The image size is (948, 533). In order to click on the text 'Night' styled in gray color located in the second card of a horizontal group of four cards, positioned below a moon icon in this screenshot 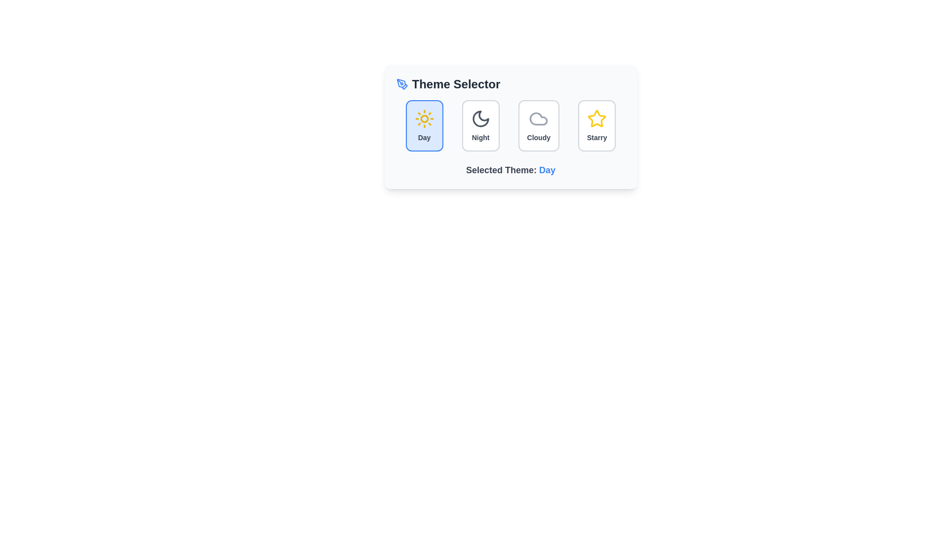, I will do `click(480, 137)`.